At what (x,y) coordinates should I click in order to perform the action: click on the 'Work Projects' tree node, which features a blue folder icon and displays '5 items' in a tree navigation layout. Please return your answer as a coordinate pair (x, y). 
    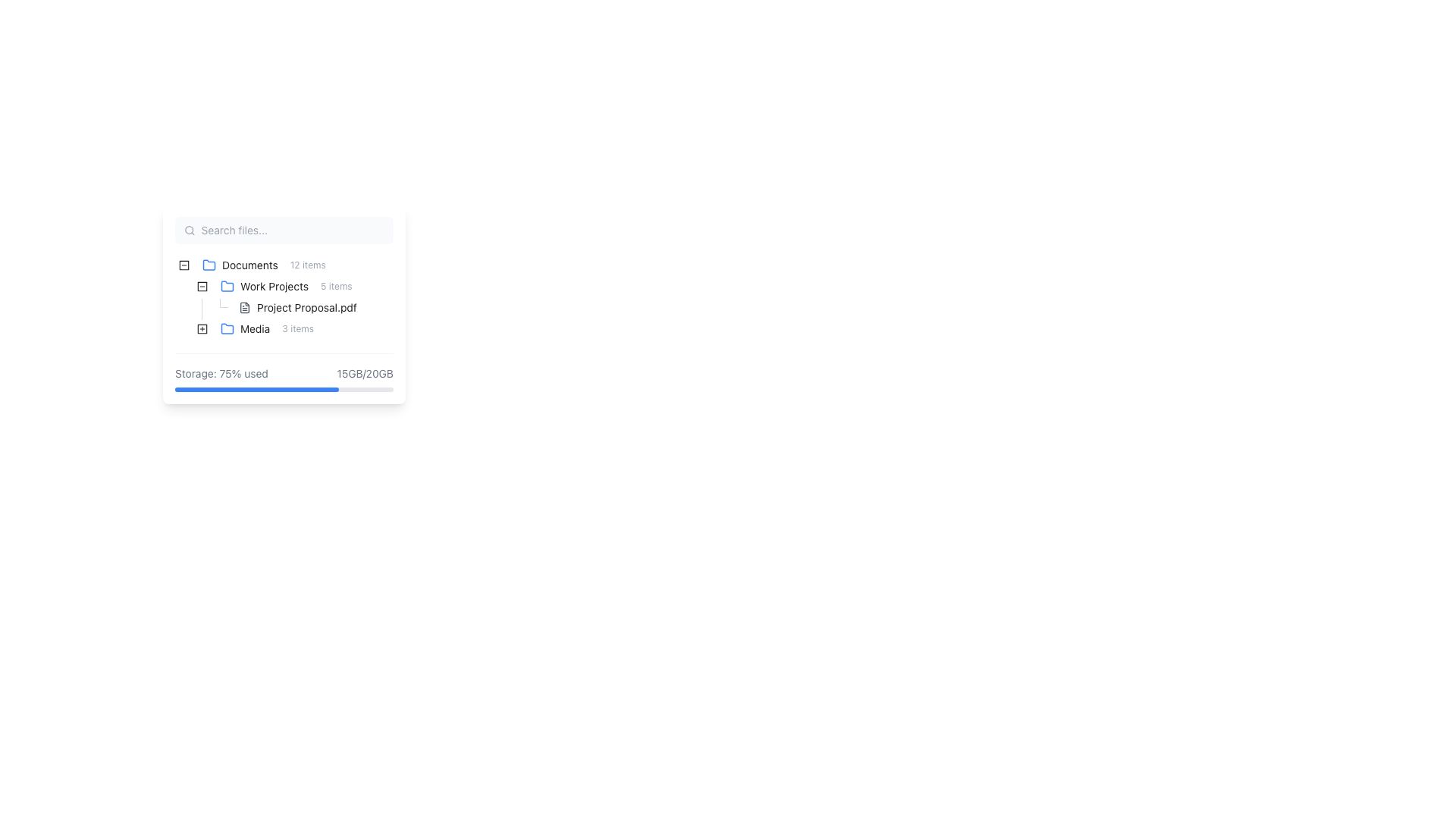
    Looking at the image, I should click on (286, 287).